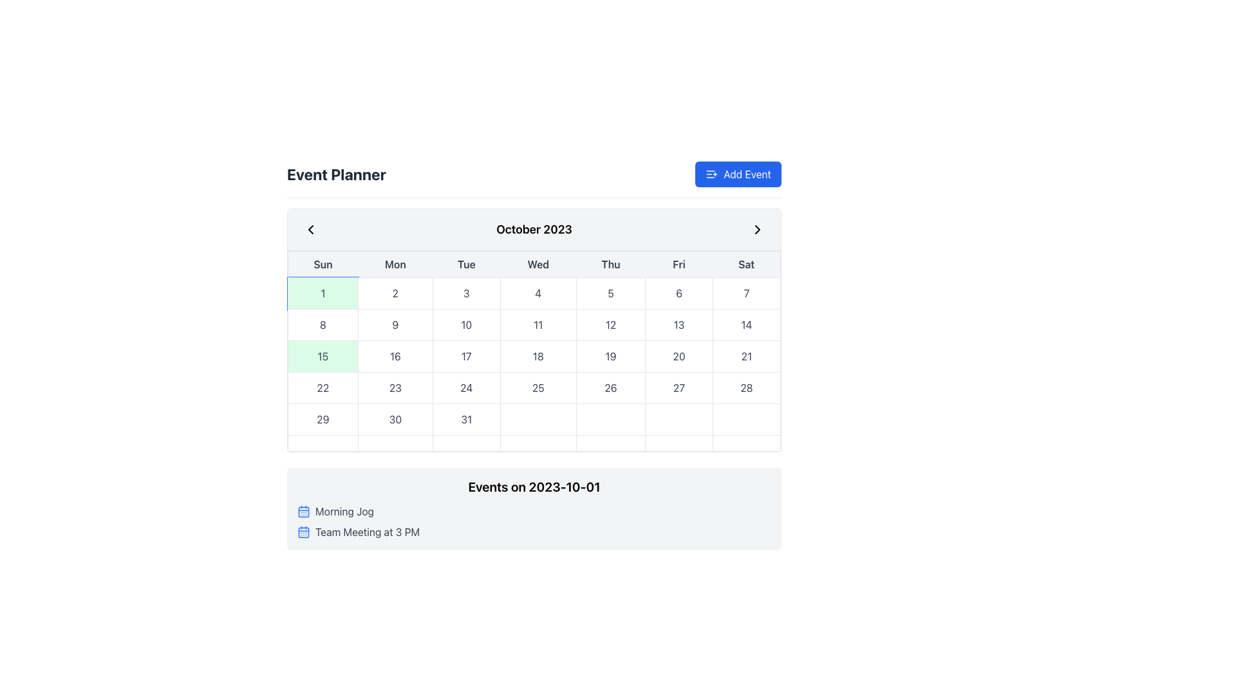 Image resolution: width=1236 pixels, height=695 pixels. Describe the element at coordinates (323, 419) in the screenshot. I see `the calendar date cell displaying '29' located in the first cell of the seventh row under the 'Sunday' column` at that location.